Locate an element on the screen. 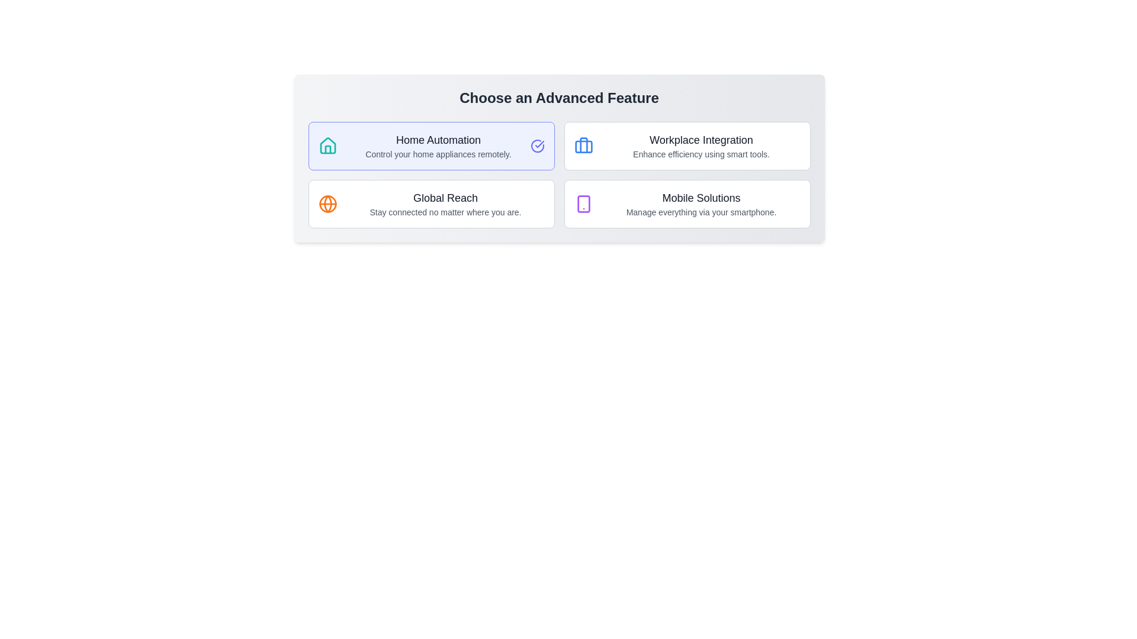 The width and height of the screenshot is (1137, 639). the Text Label element that reads 'Control your home appliances remotely.', which is styled with a smaller gray font and positioned below the 'Home Automation' title is located at coordinates (438, 154).